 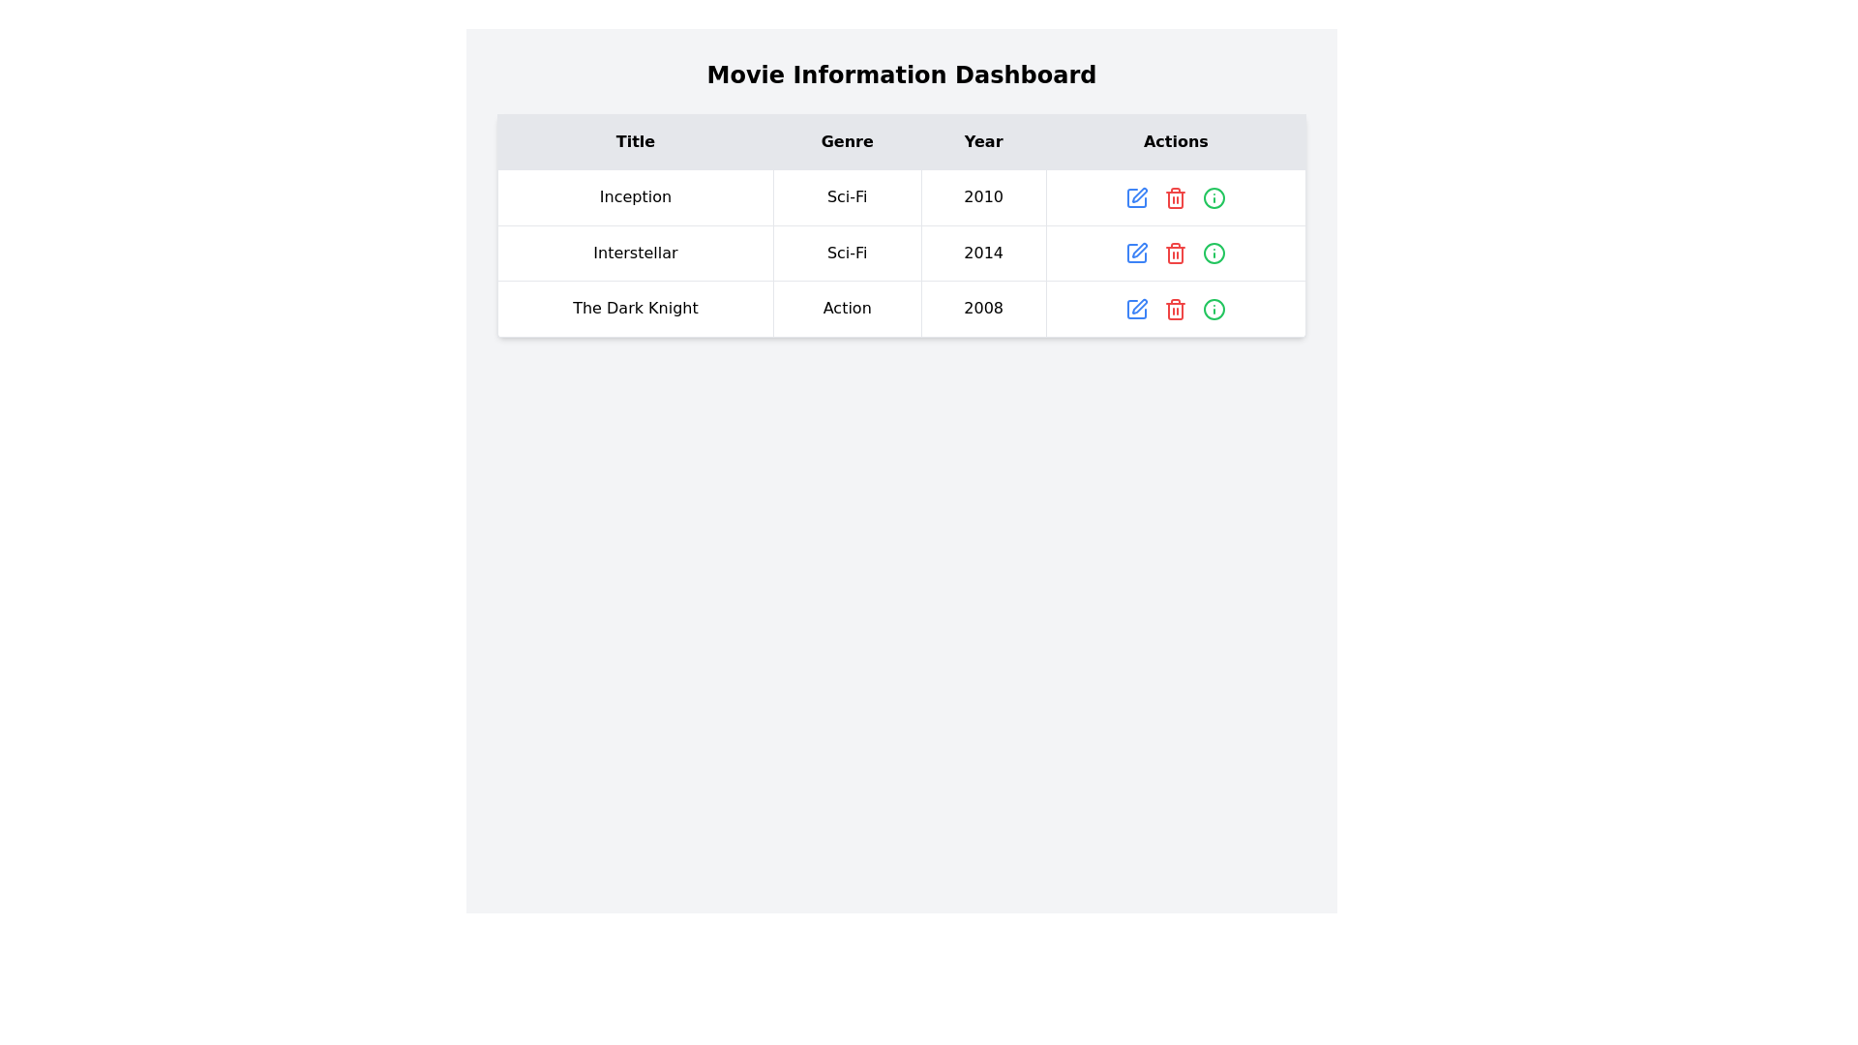 What do you see at coordinates (1137, 197) in the screenshot?
I see `the edit action icon represented by a pen in the first row of the table under the 'Actions' column for the movie 'Inception' to navigate` at bounding box center [1137, 197].